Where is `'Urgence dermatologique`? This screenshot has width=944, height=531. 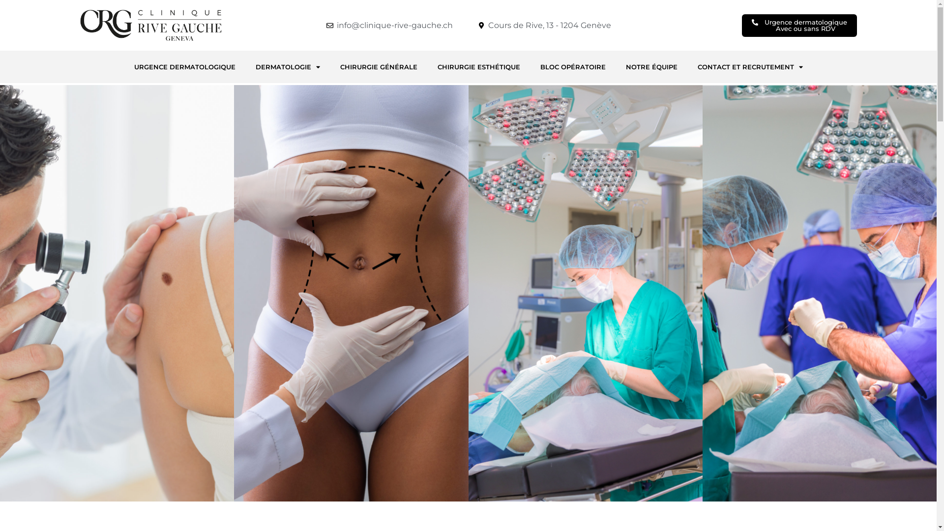
'Urgence dermatologique is located at coordinates (799, 24).